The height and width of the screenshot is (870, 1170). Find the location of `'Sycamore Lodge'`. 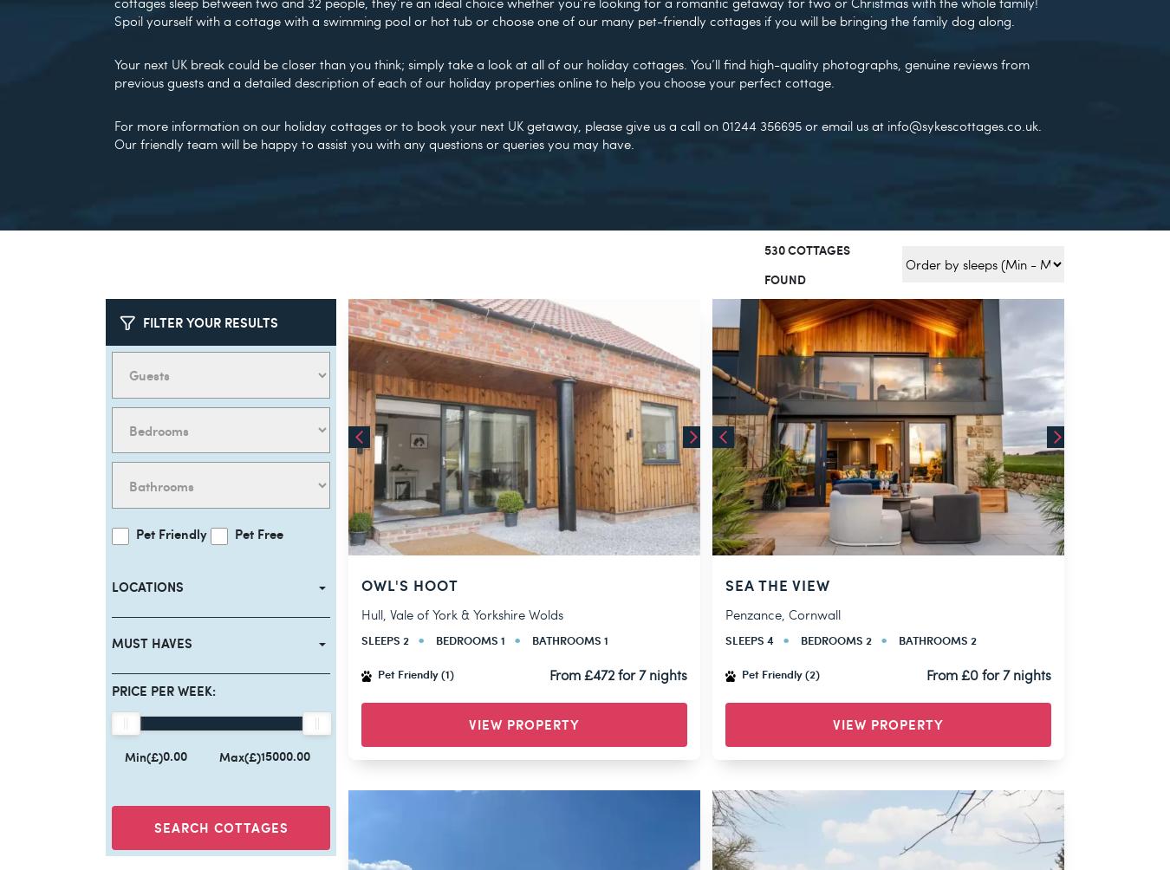

'Sycamore Lodge' is located at coordinates (796, 548).